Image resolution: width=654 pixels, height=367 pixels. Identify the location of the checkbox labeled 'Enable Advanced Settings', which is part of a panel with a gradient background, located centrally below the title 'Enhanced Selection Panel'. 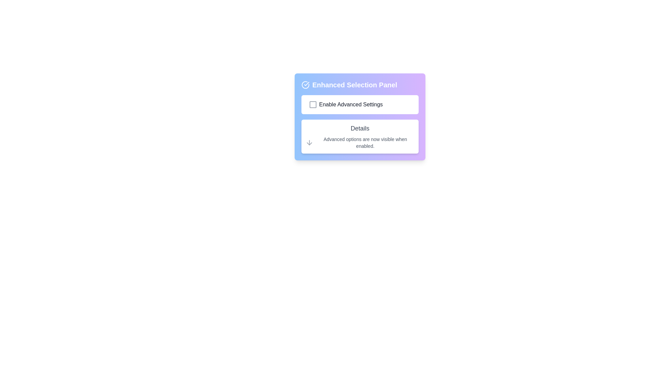
(359, 105).